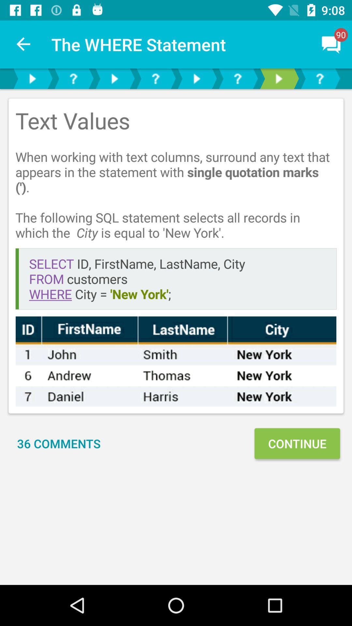  I want to click on all data, so click(176, 361).